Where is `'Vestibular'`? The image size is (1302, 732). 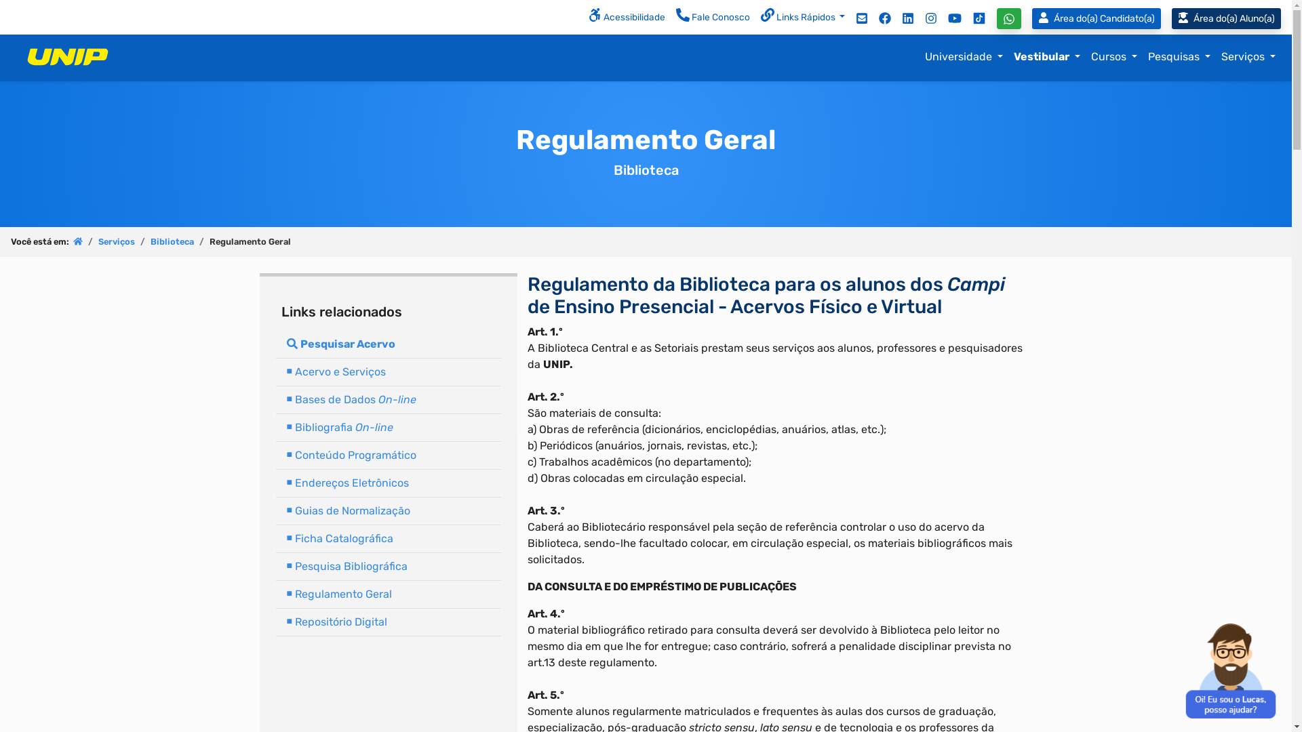 'Vestibular' is located at coordinates (1008, 56).